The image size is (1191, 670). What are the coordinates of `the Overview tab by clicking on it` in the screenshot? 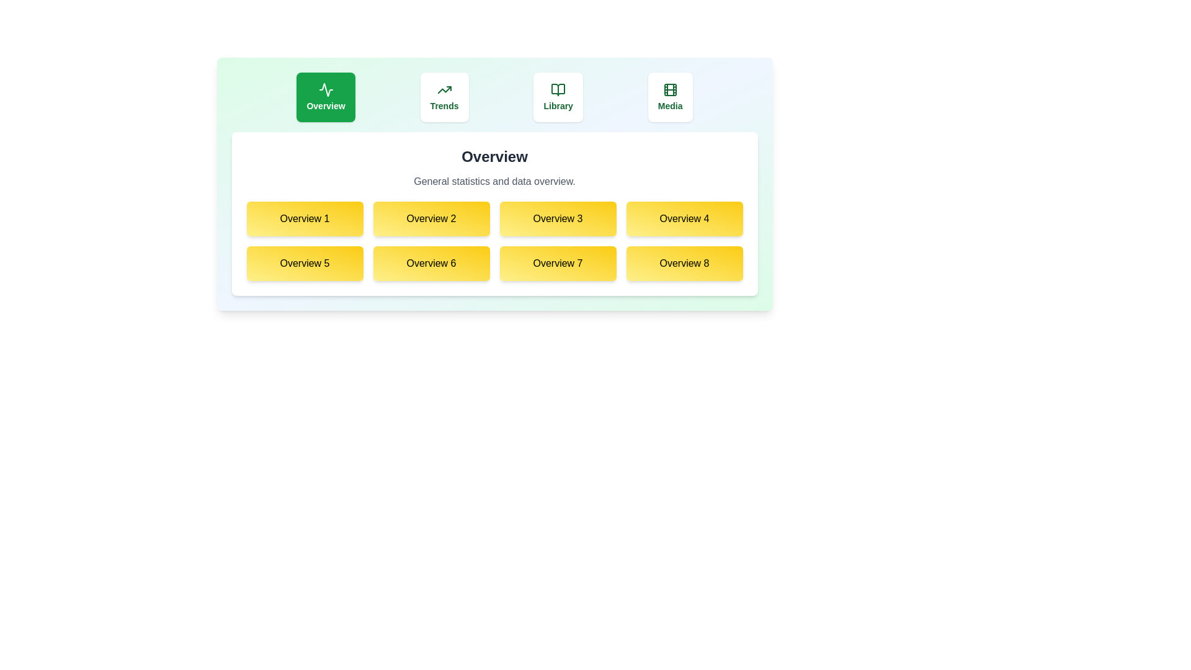 It's located at (326, 97).